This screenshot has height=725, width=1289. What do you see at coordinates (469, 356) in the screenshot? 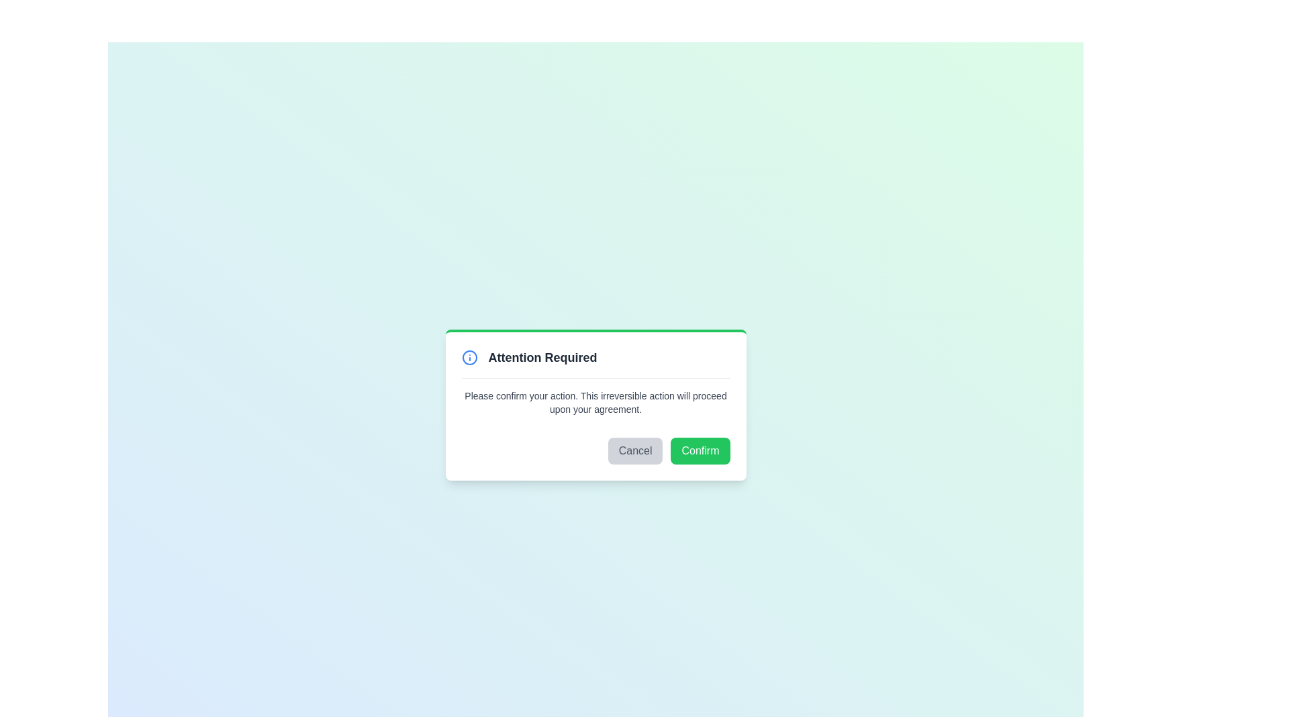
I see `the circular icon with a blue border and central dot located at the top-left corner of the attention banner, preceding the header text 'Attention Required'` at bounding box center [469, 356].